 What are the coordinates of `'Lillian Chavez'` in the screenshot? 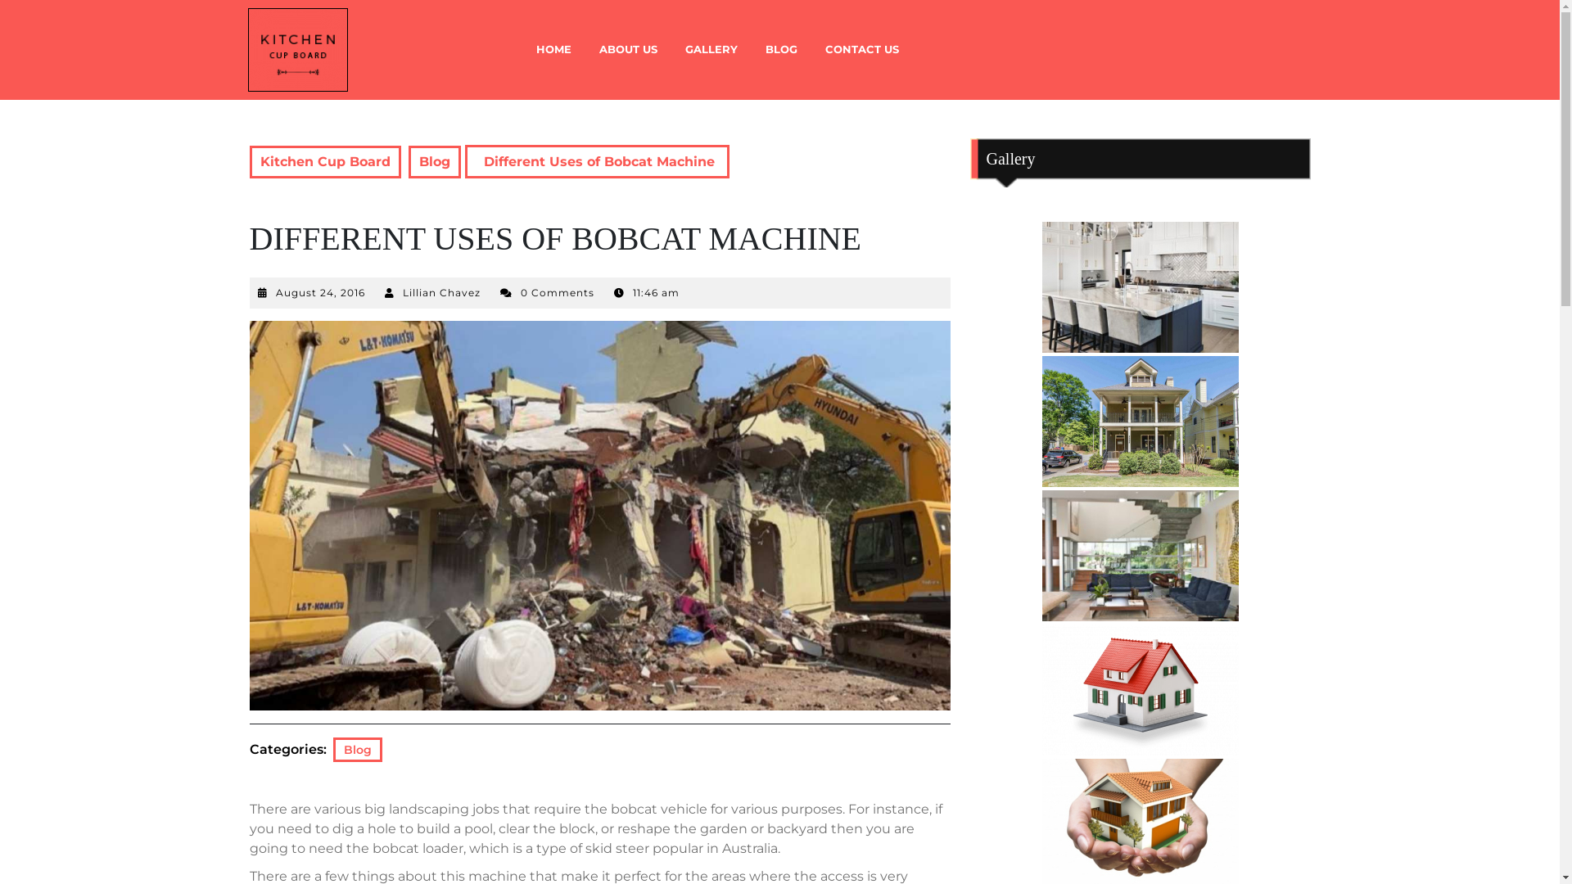 It's located at (441, 291).